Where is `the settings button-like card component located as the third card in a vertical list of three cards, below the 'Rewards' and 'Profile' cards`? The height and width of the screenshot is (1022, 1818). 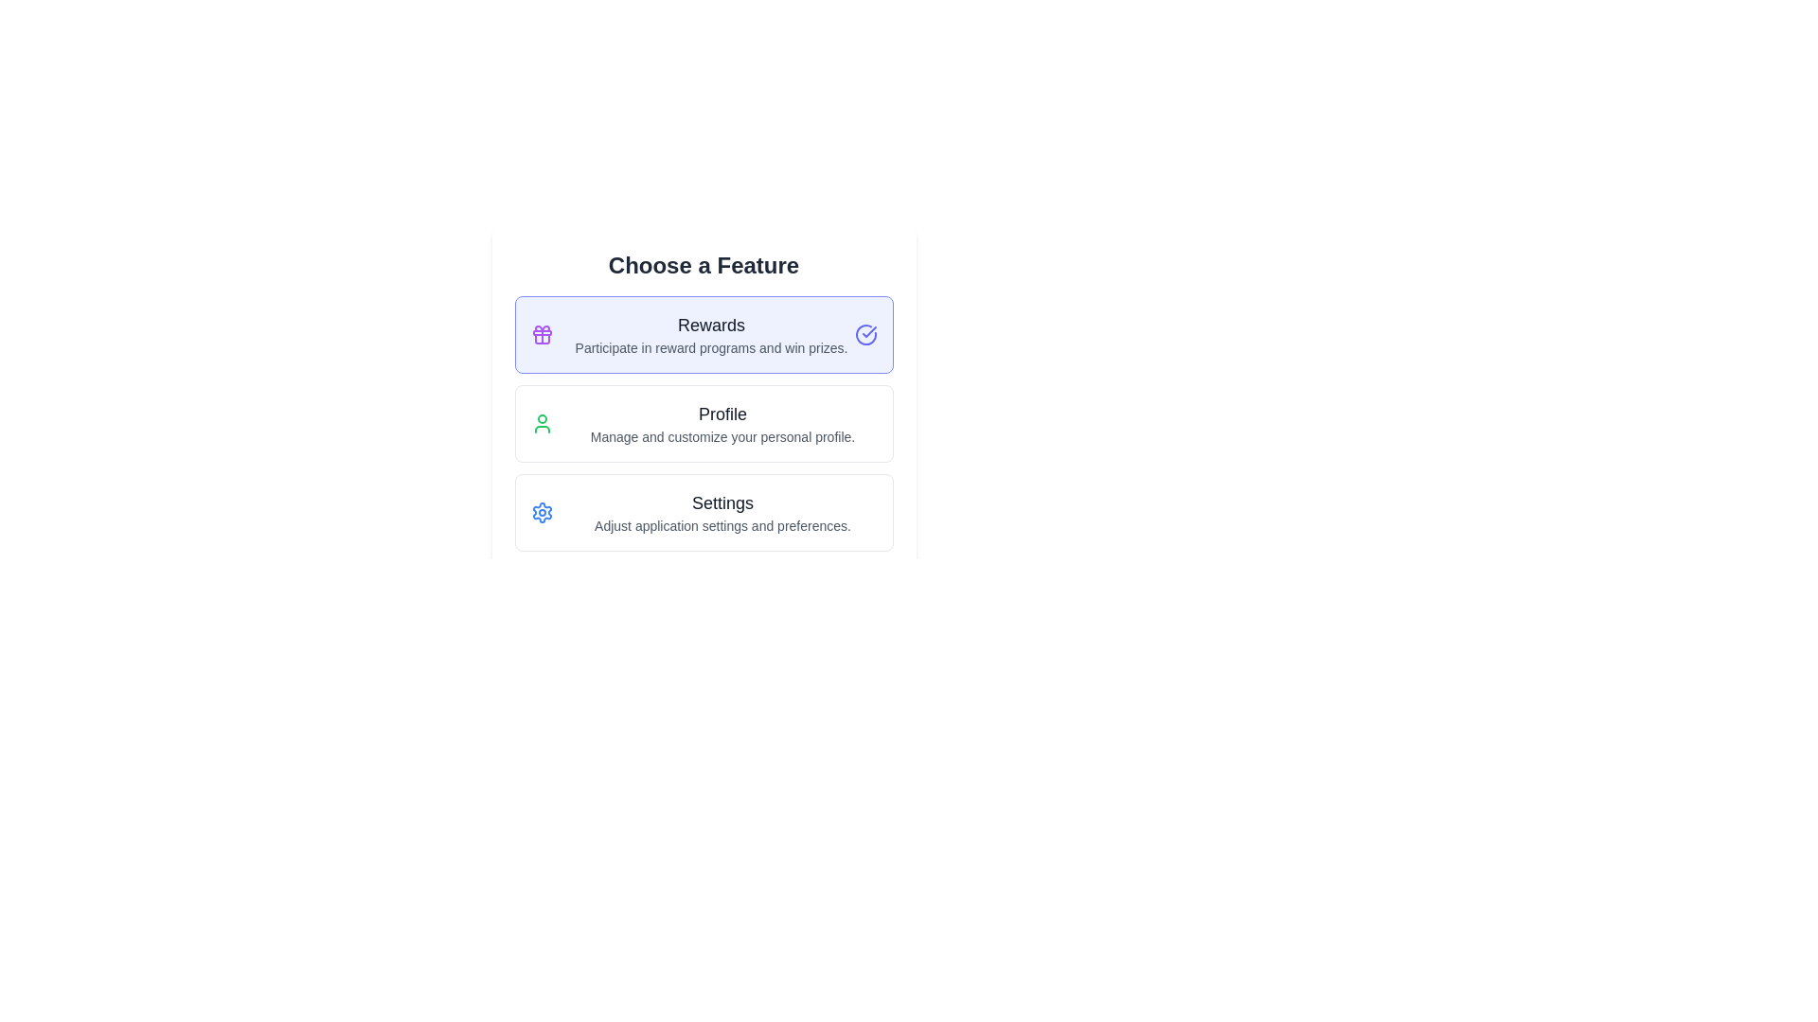 the settings button-like card component located as the third card in a vertical list of three cards, below the 'Rewards' and 'Profile' cards is located at coordinates (703, 513).